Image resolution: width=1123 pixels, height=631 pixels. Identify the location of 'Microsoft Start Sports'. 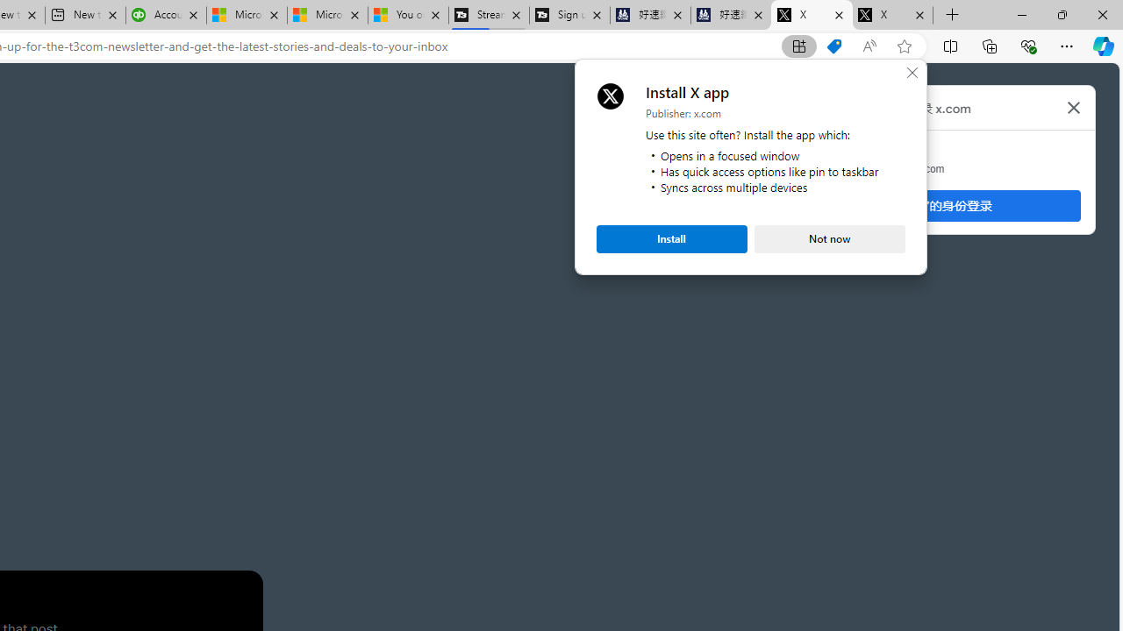
(245, 15).